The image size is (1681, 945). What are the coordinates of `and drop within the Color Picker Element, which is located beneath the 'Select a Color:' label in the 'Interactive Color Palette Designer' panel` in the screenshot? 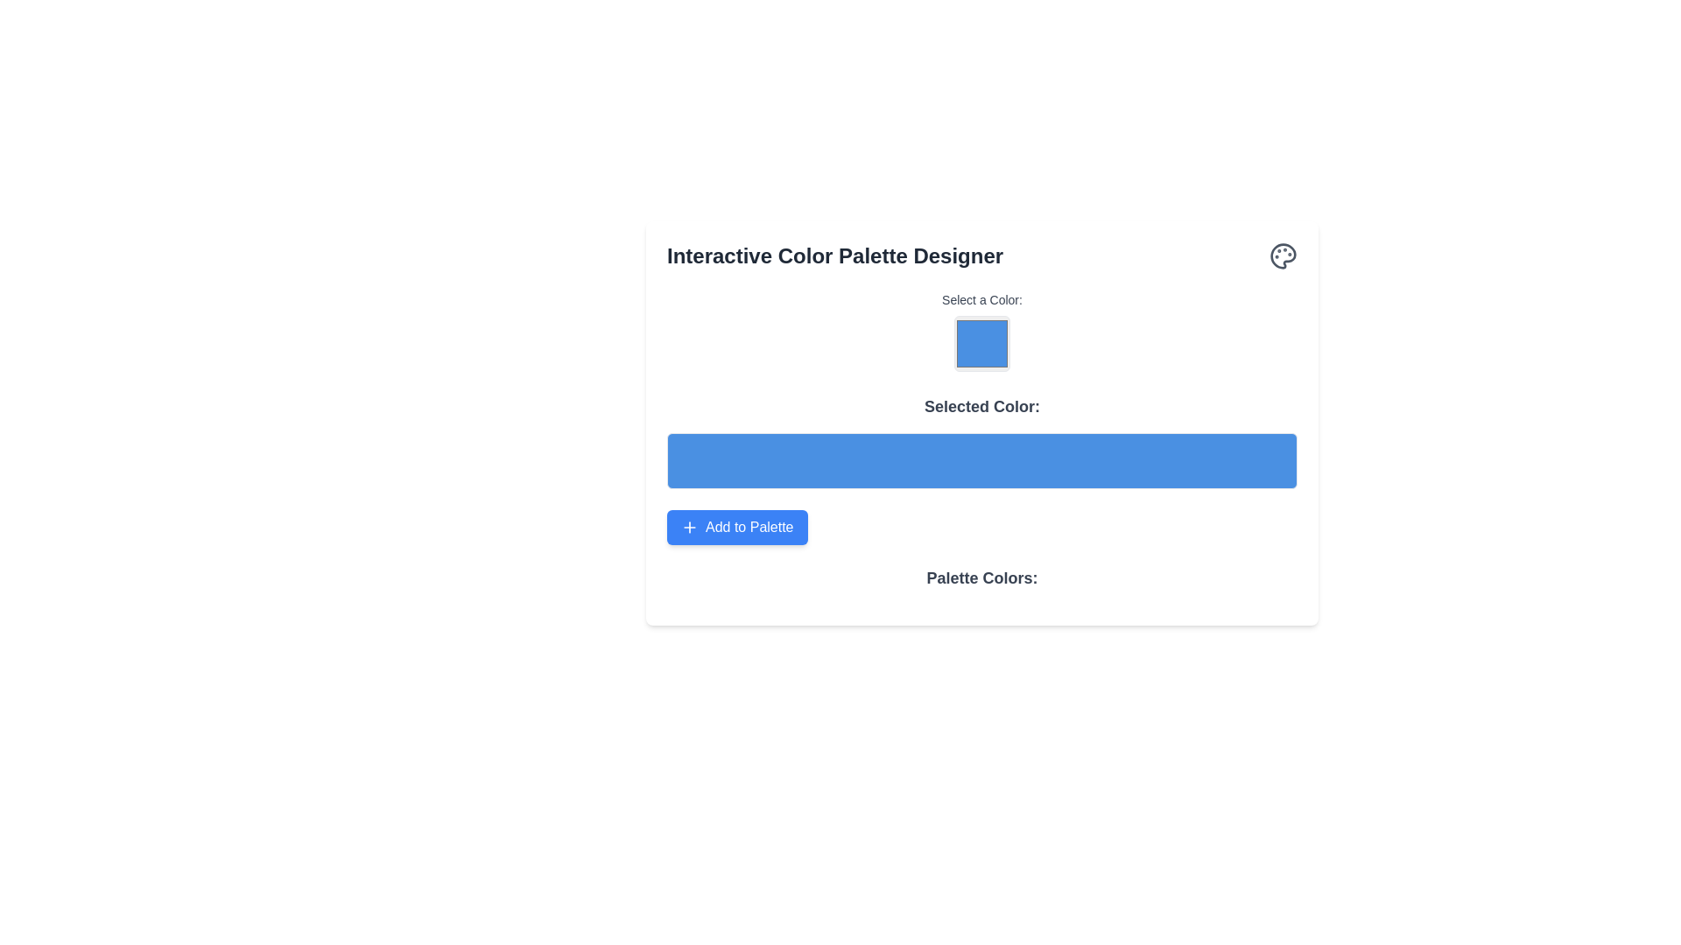 It's located at (982, 332).